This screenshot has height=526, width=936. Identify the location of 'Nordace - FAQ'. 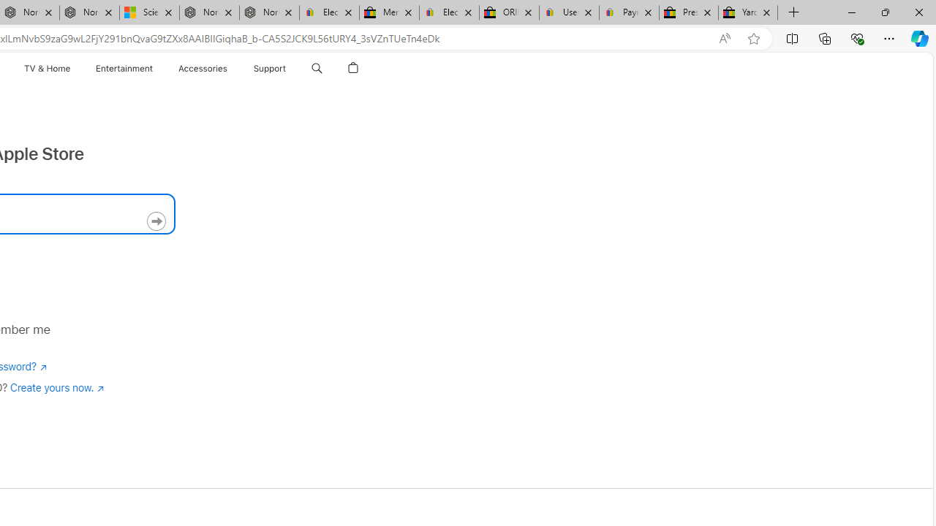
(269, 12).